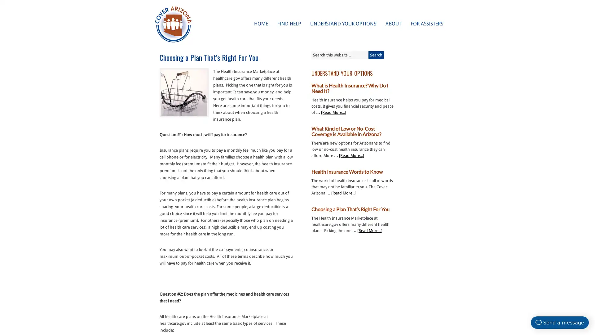  What do you see at coordinates (376, 55) in the screenshot?
I see `Search` at bounding box center [376, 55].